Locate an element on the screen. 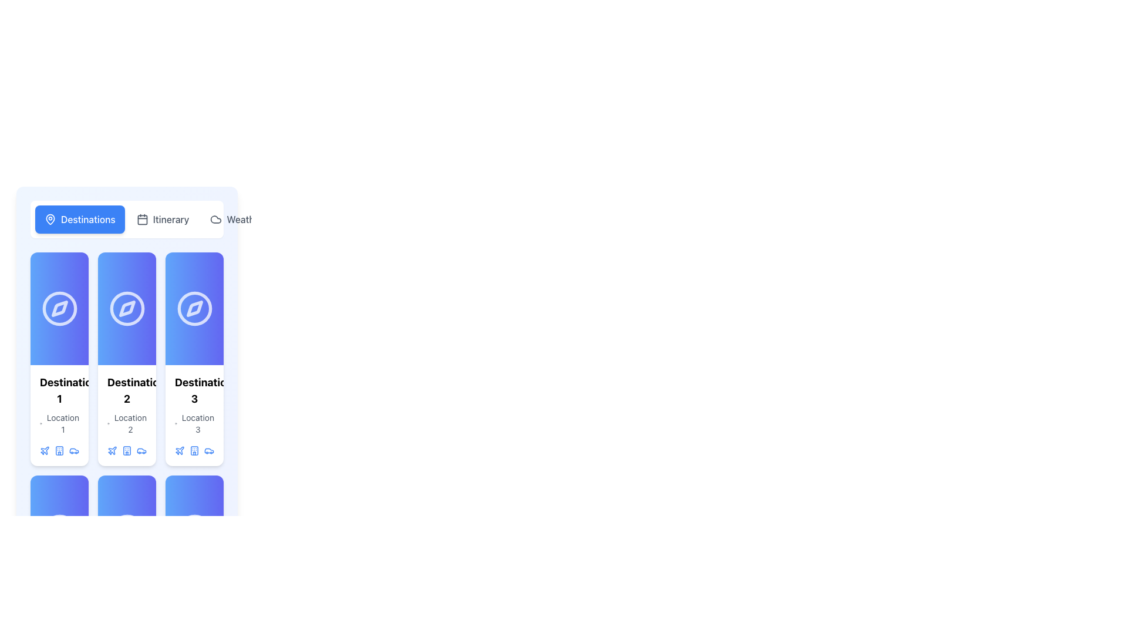  the calendar icon located in the navigation bar is located at coordinates (141, 220).